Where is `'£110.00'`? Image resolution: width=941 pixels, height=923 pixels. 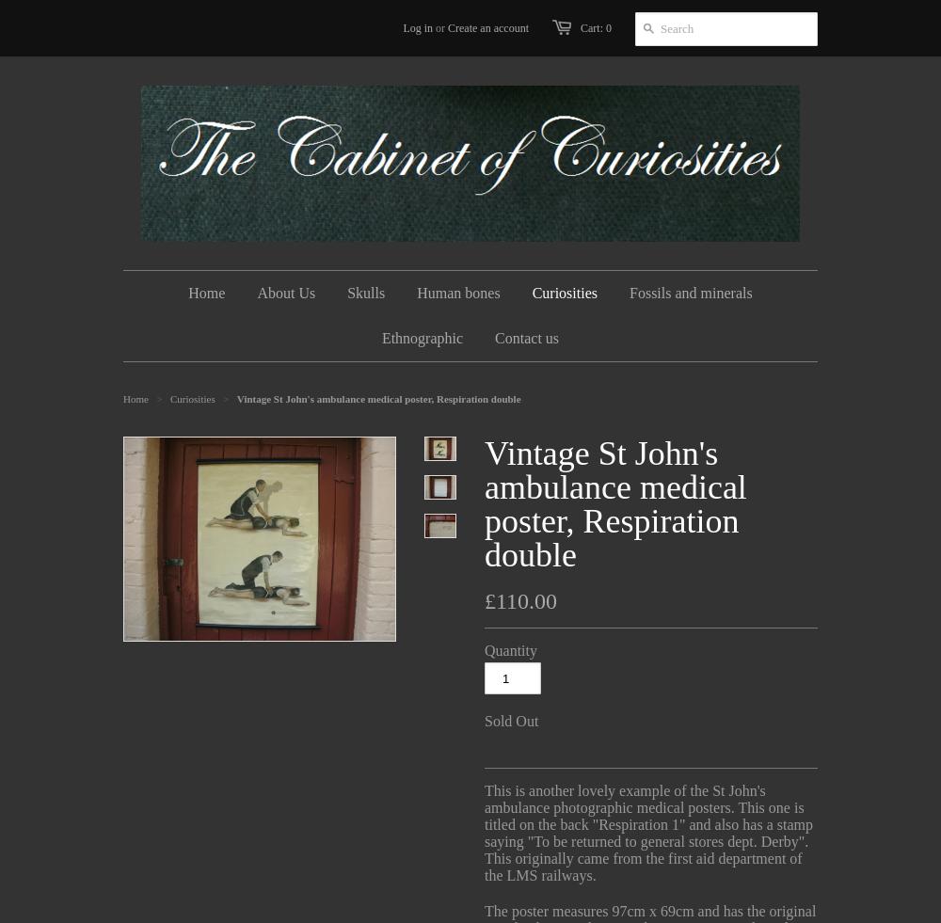
'£110.00' is located at coordinates (520, 601).